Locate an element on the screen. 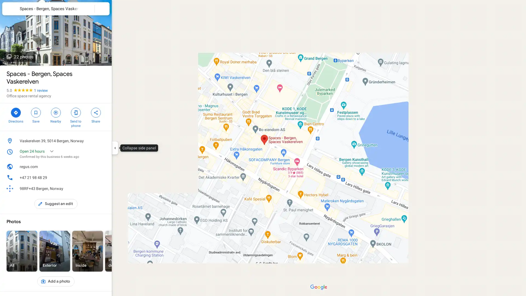  Exterior is located at coordinates (55, 251).